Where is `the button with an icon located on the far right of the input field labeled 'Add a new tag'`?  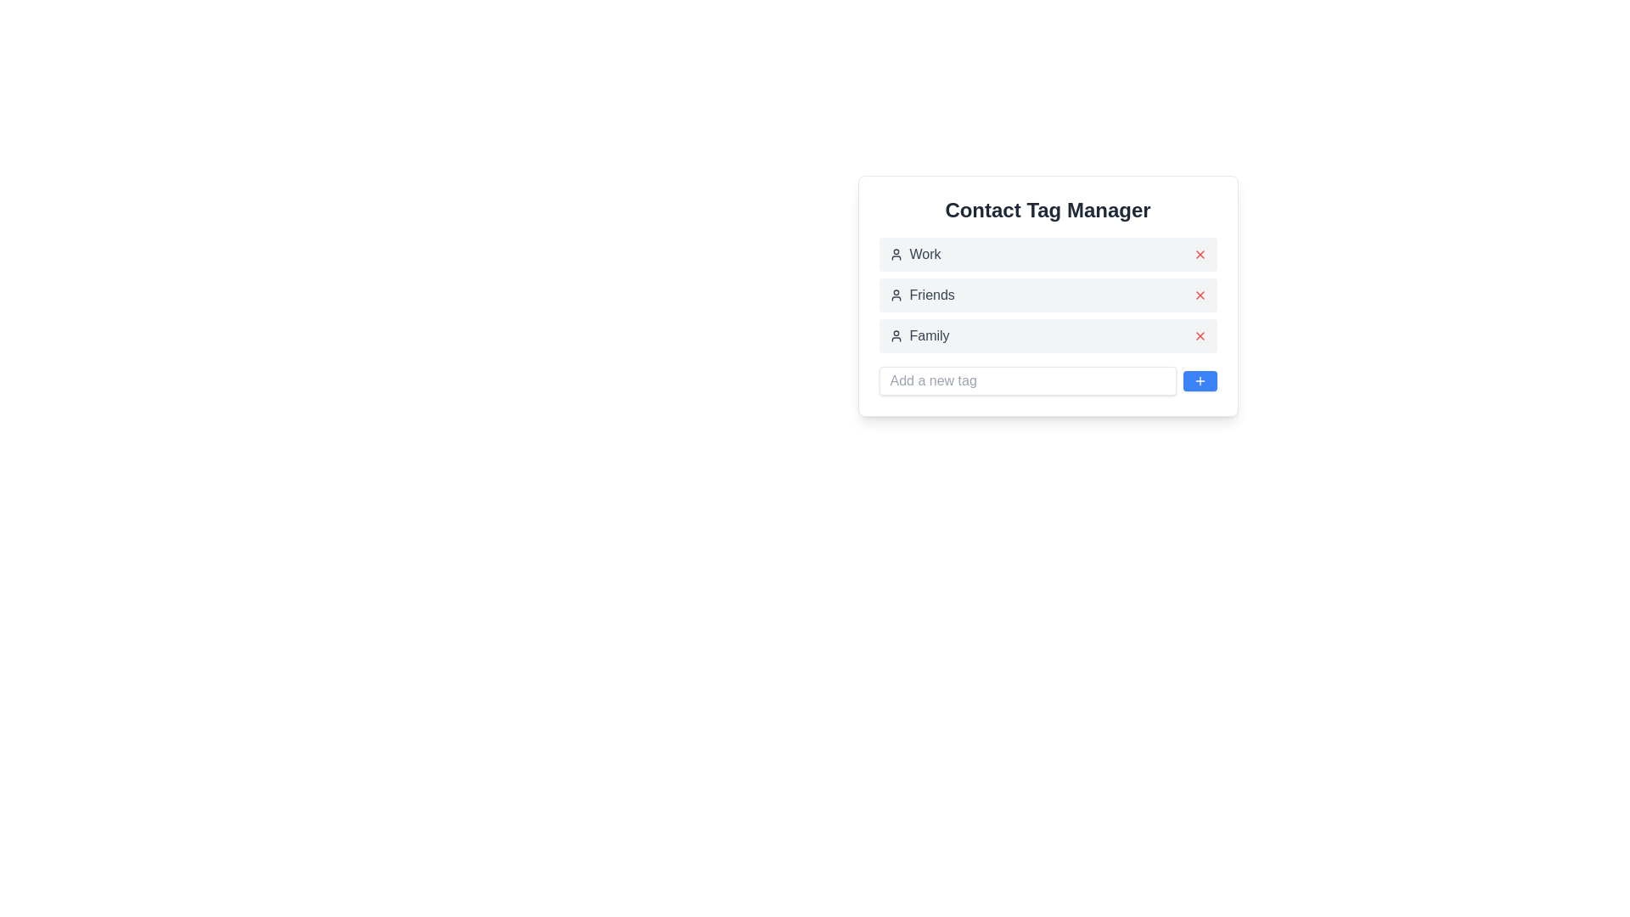
the button with an icon located on the far right of the input field labeled 'Add a new tag' is located at coordinates (1199, 380).